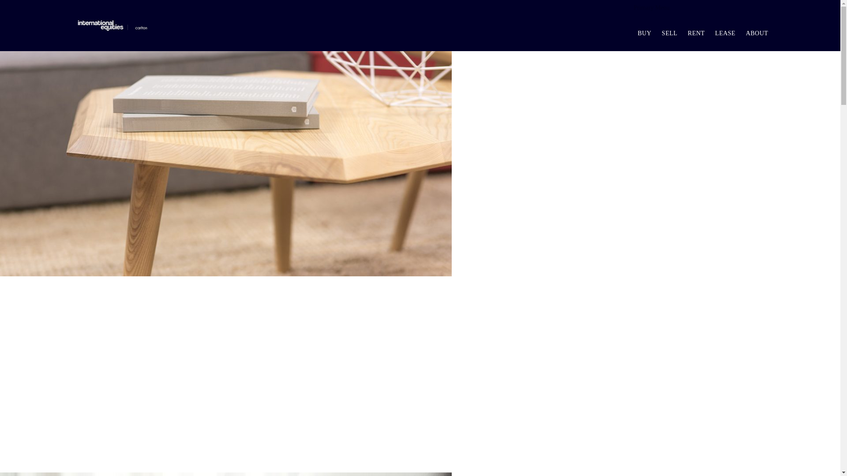 The height and width of the screenshot is (476, 847). What do you see at coordinates (652, 8) in the screenshot?
I see `'Primary Menu'` at bounding box center [652, 8].